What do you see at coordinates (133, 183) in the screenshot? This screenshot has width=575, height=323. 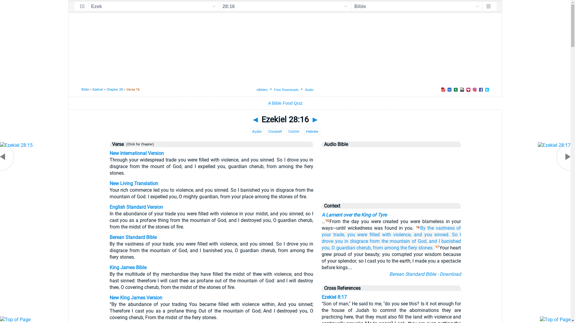 I see `'New Living Translation'` at bounding box center [133, 183].